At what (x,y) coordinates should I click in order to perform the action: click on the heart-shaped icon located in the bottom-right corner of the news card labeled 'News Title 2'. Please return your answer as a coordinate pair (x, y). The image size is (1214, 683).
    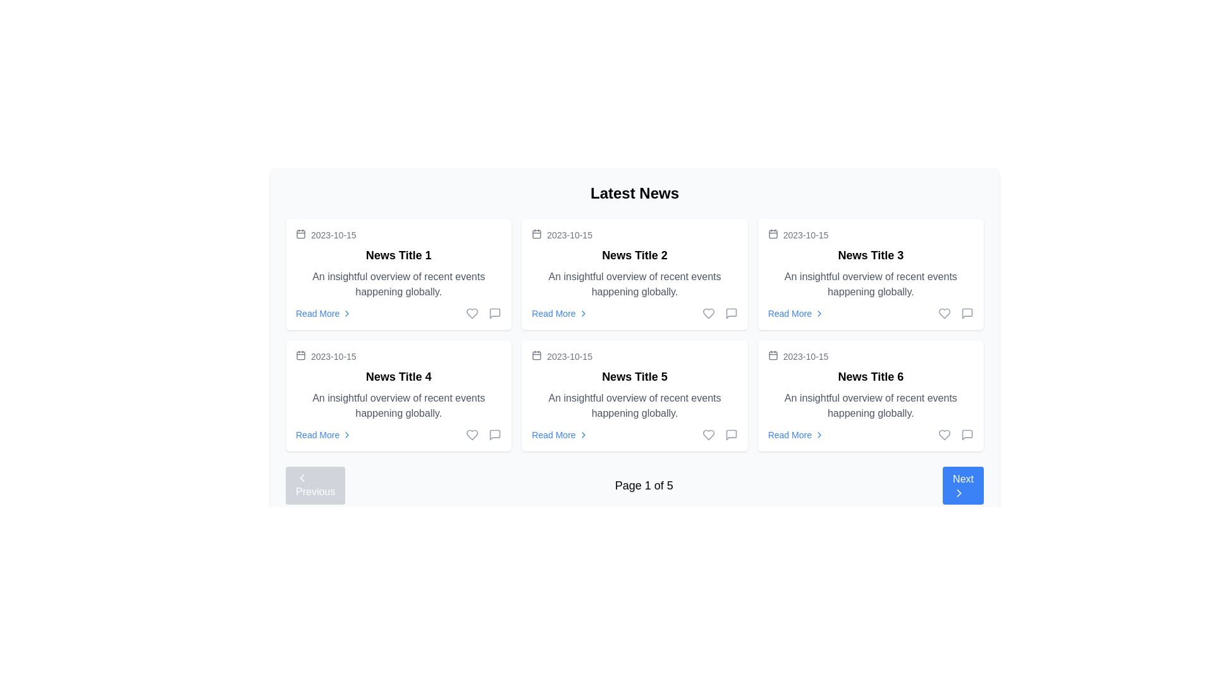
    Looking at the image, I should click on (708, 313).